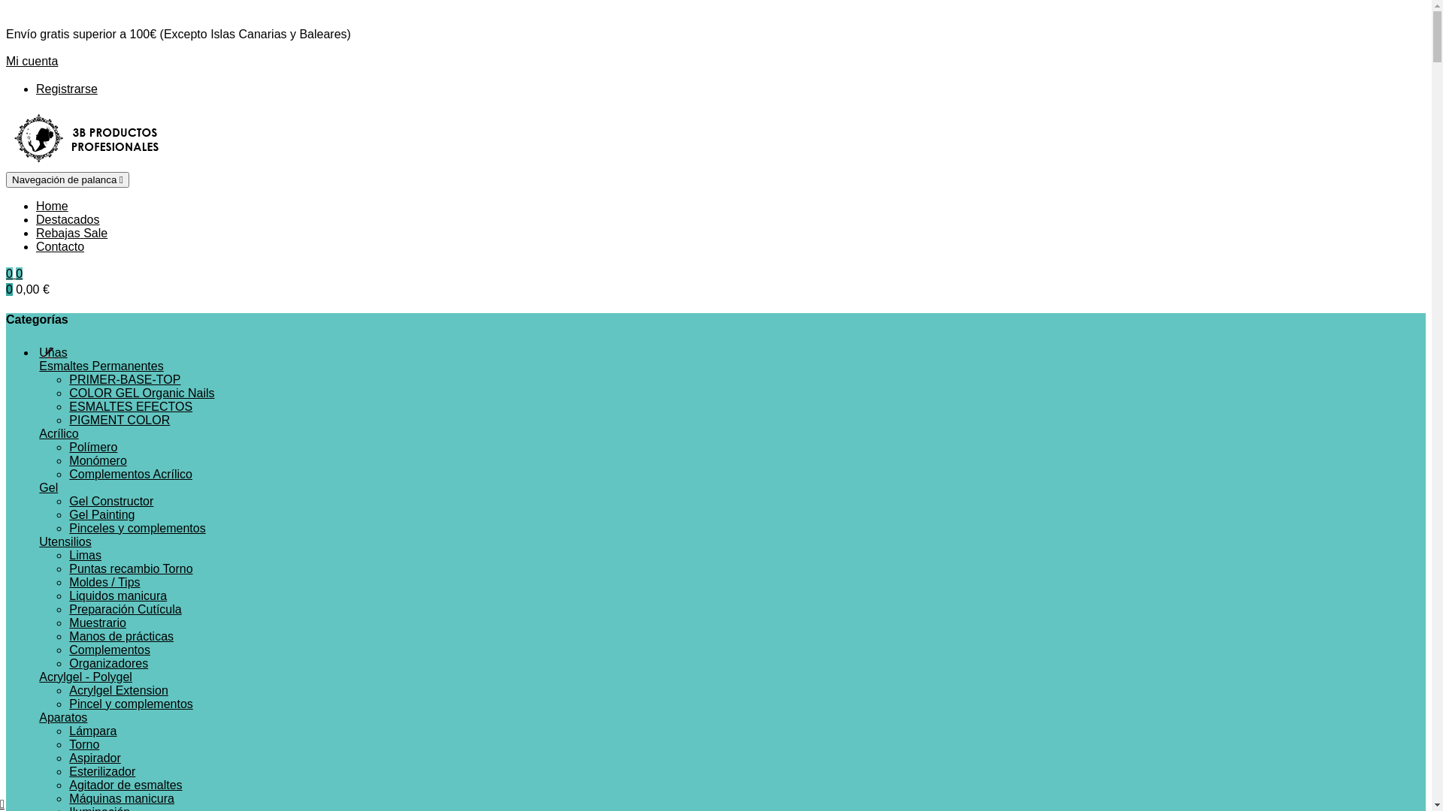  What do you see at coordinates (118, 690) in the screenshot?
I see `'Acrylgel Extension'` at bounding box center [118, 690].